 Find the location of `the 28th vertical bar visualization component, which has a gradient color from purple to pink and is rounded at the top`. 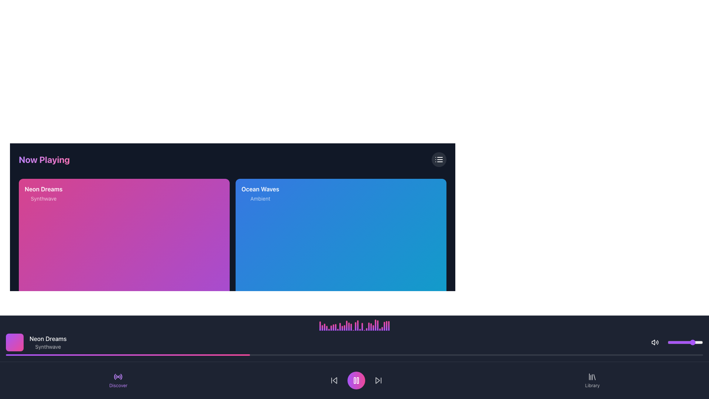

the 28th vertical bar visualization component, which has a gradient color from purple to pink and is rounded at the top is located at coordinates (382, 325).